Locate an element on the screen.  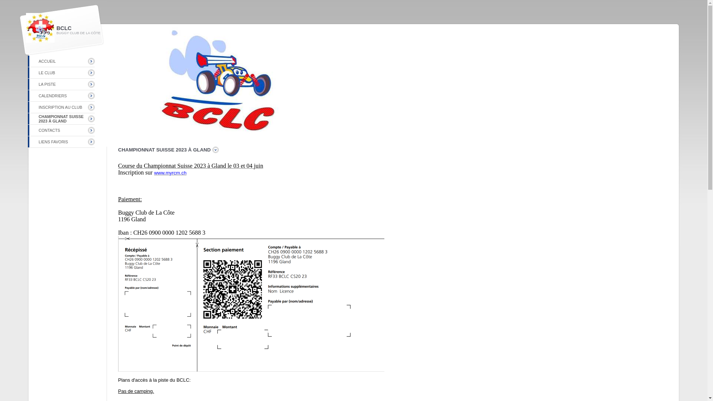
'CONTACTS' is located at coordinates (49, 130).